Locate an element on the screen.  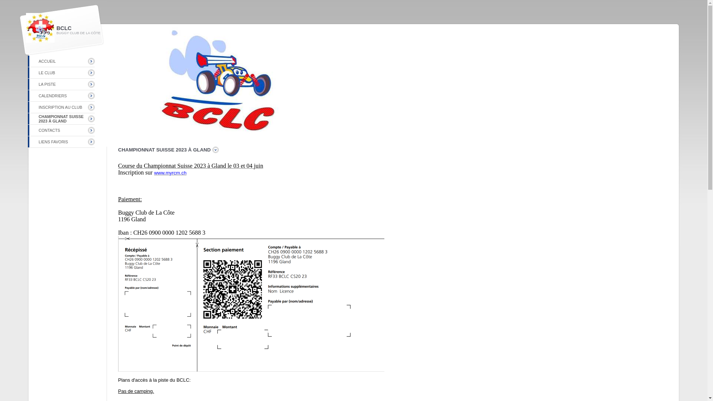
'CONTACTS' is located at coordinates (49, 130).